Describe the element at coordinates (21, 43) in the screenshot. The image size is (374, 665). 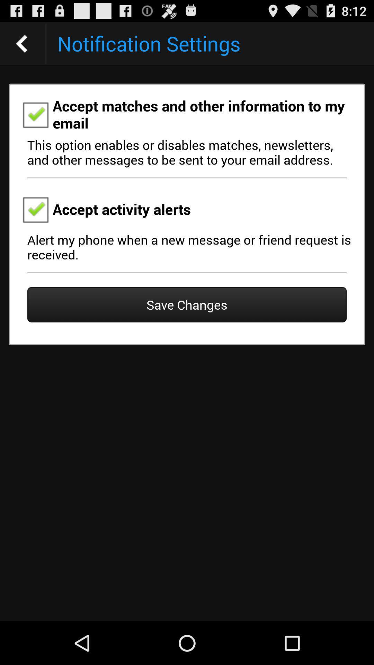
I see `go back` at that location.